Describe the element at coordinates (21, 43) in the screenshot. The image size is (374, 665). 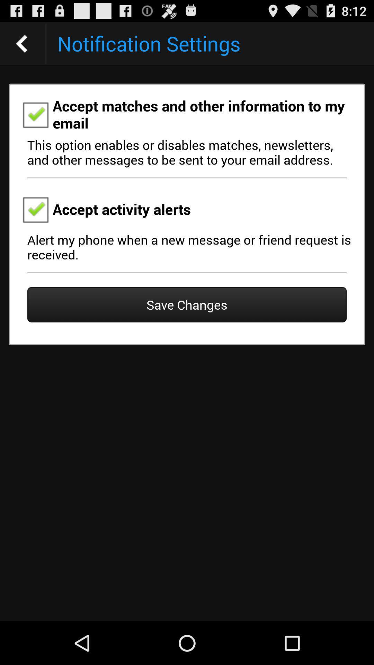
I see `go back` at that location.